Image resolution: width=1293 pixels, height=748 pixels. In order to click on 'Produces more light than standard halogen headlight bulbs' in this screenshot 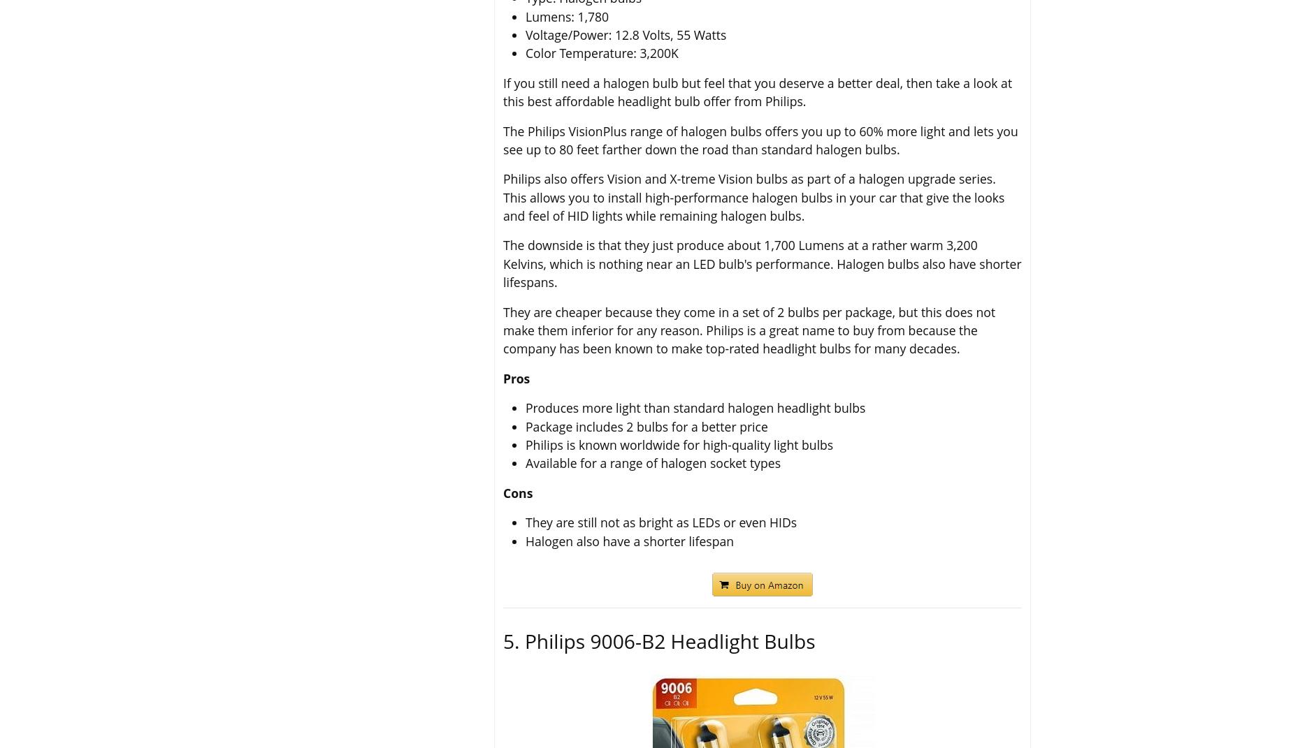, I will do `click(694, 408)`.